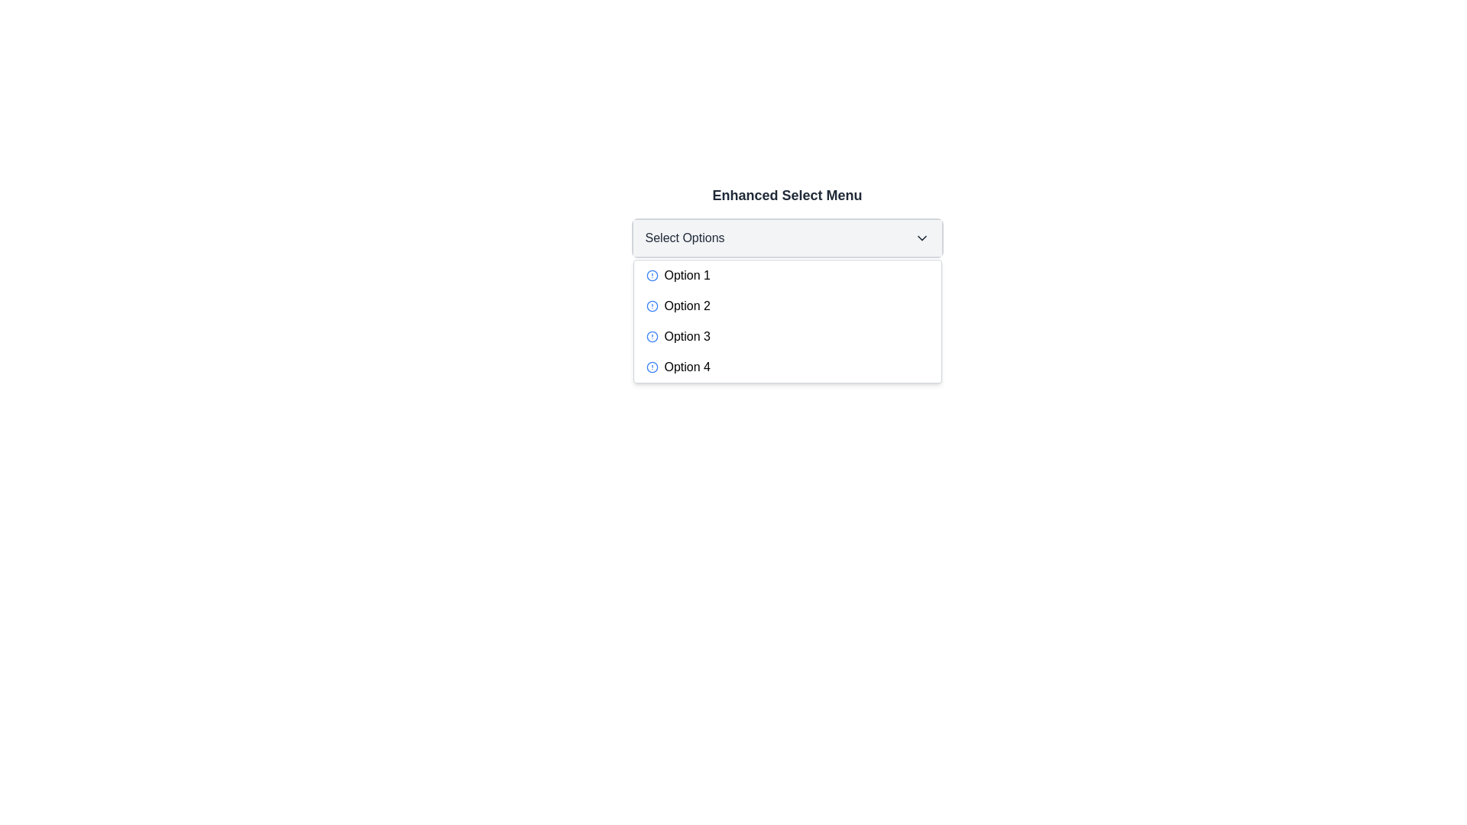 The image size is (1467, 825). I want to click on the text label for the first selectable option, so click(686, 276).